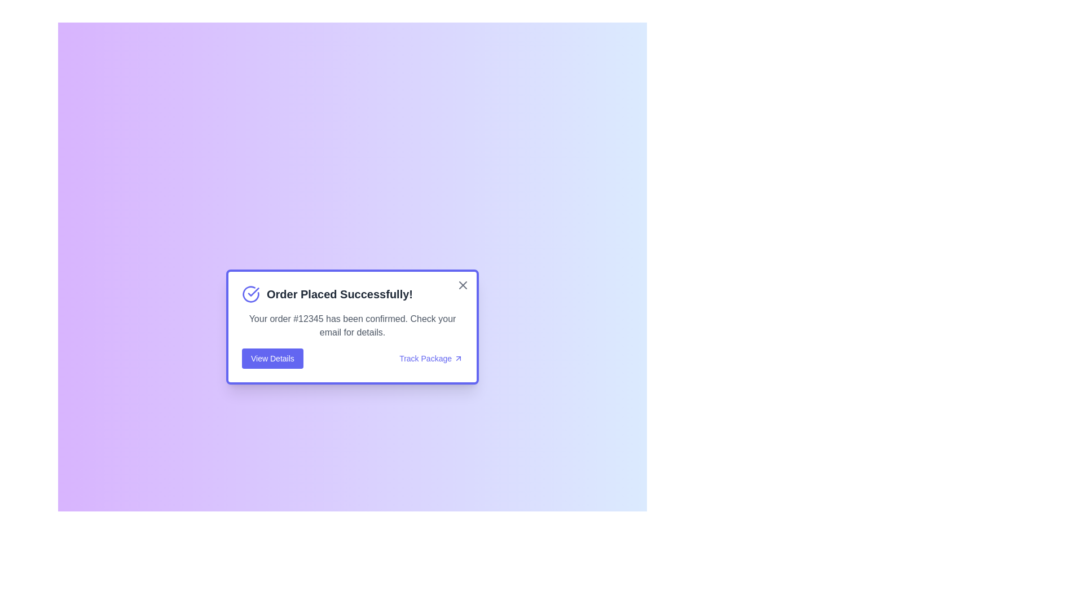 Image resolution: width=1083 pixels, height=609 pixels. Describe the element at coordinates (272, 359) in the screenshot. I see `the 'View Details' button to navigate to the details page` at that location.